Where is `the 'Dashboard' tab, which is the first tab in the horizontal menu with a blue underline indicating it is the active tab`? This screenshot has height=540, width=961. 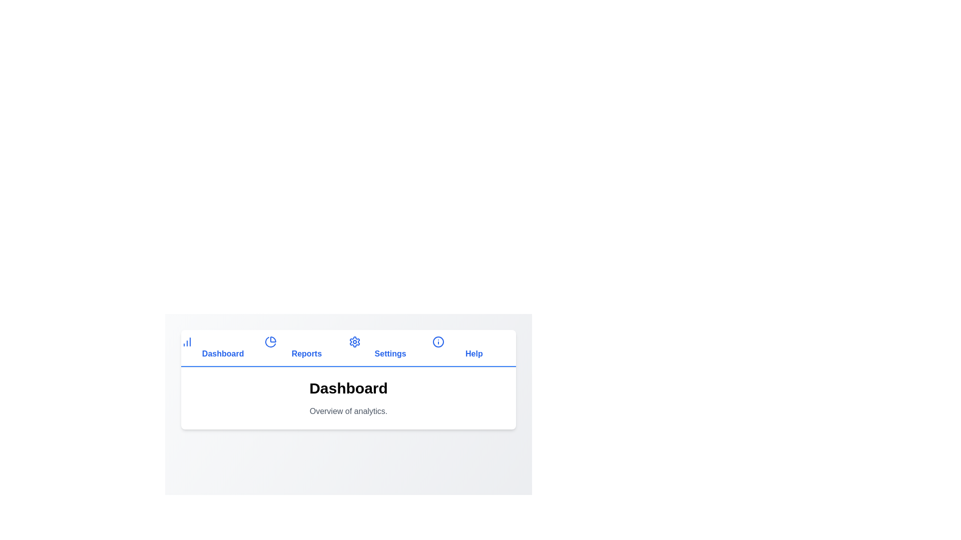
the 'Dashboard' tab, which is the first tab in the horizontal menu with a blue underline indicating it is the active tab is located at coordinates (222, 348).